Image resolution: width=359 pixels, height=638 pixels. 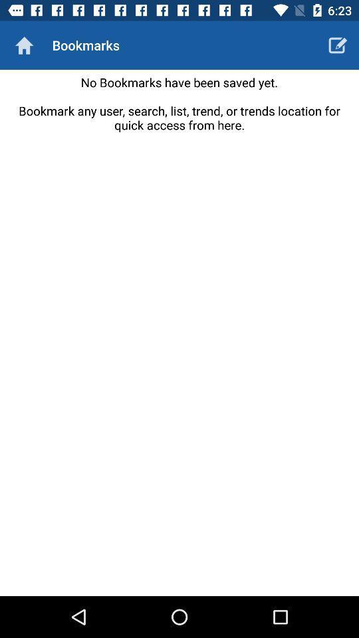 I want to click on the item to the left of the bookmarks icon, so click(x=24, y=45).